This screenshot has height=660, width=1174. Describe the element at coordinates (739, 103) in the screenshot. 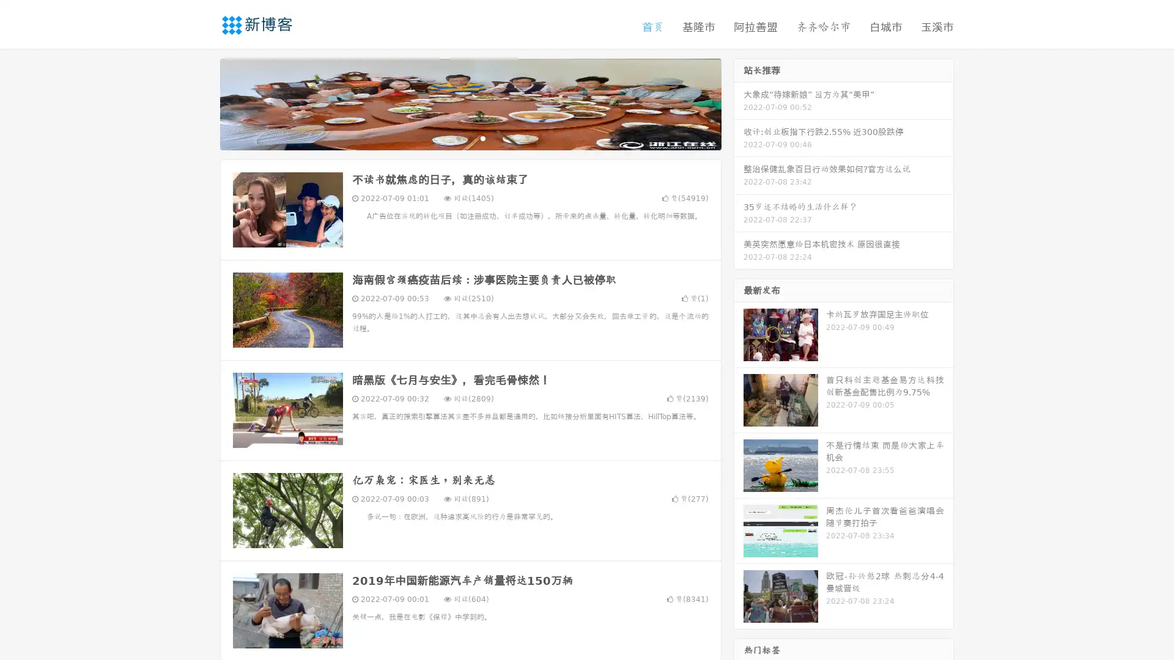

I see `Next slide` at that location.